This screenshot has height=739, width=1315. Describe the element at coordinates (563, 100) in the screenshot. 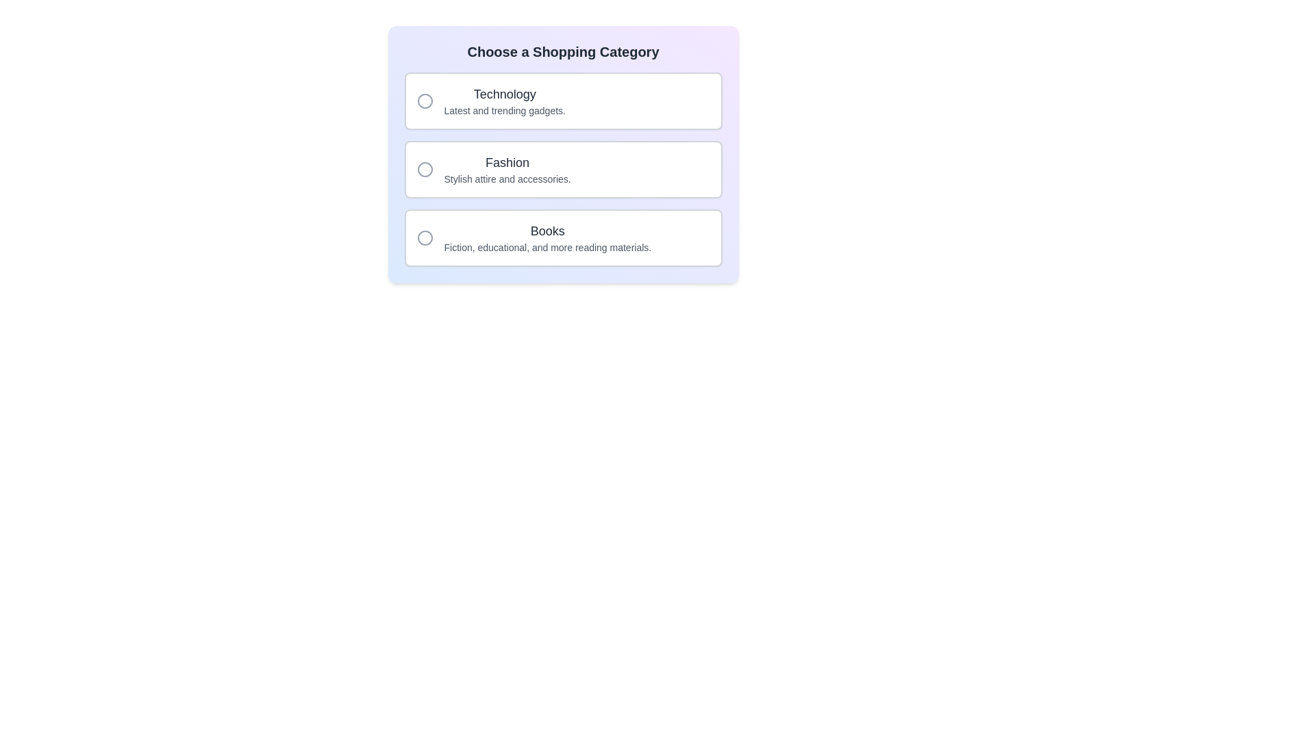

I see `the 'Technology' radio button option in the vertical list` at that location.